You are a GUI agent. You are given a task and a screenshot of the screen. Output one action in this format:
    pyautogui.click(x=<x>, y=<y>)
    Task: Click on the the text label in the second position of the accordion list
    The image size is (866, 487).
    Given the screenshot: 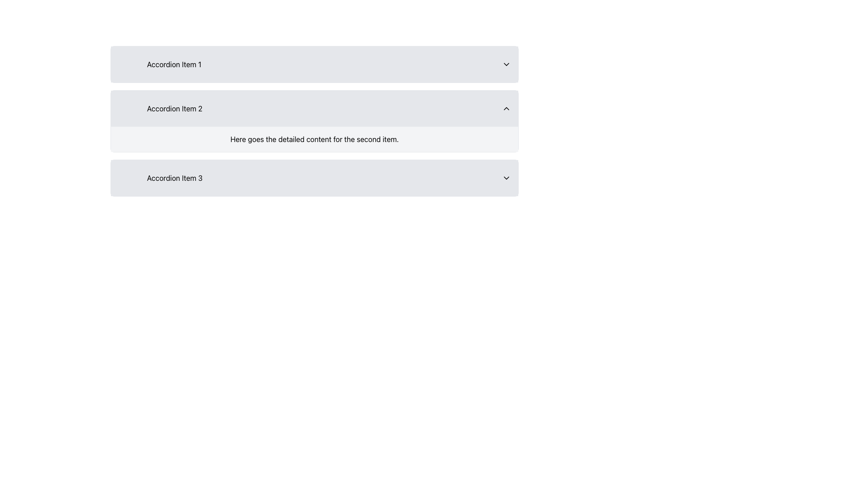 What is the action you would take?
    pyautogui.click(x=175, y=108)
    